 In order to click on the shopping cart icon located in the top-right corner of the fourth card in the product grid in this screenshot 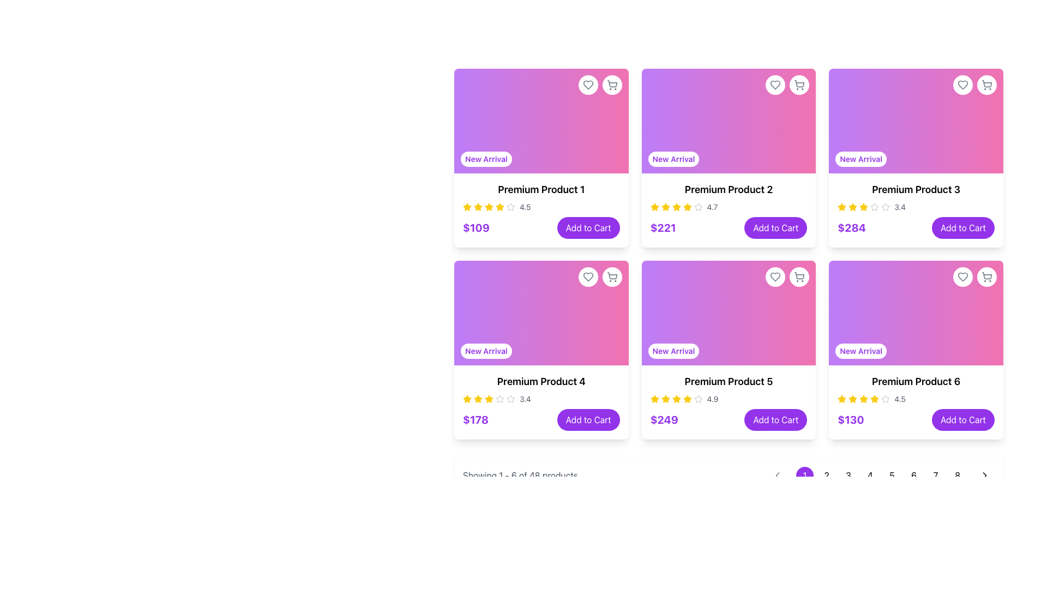, I will do `click(612, 277)`.